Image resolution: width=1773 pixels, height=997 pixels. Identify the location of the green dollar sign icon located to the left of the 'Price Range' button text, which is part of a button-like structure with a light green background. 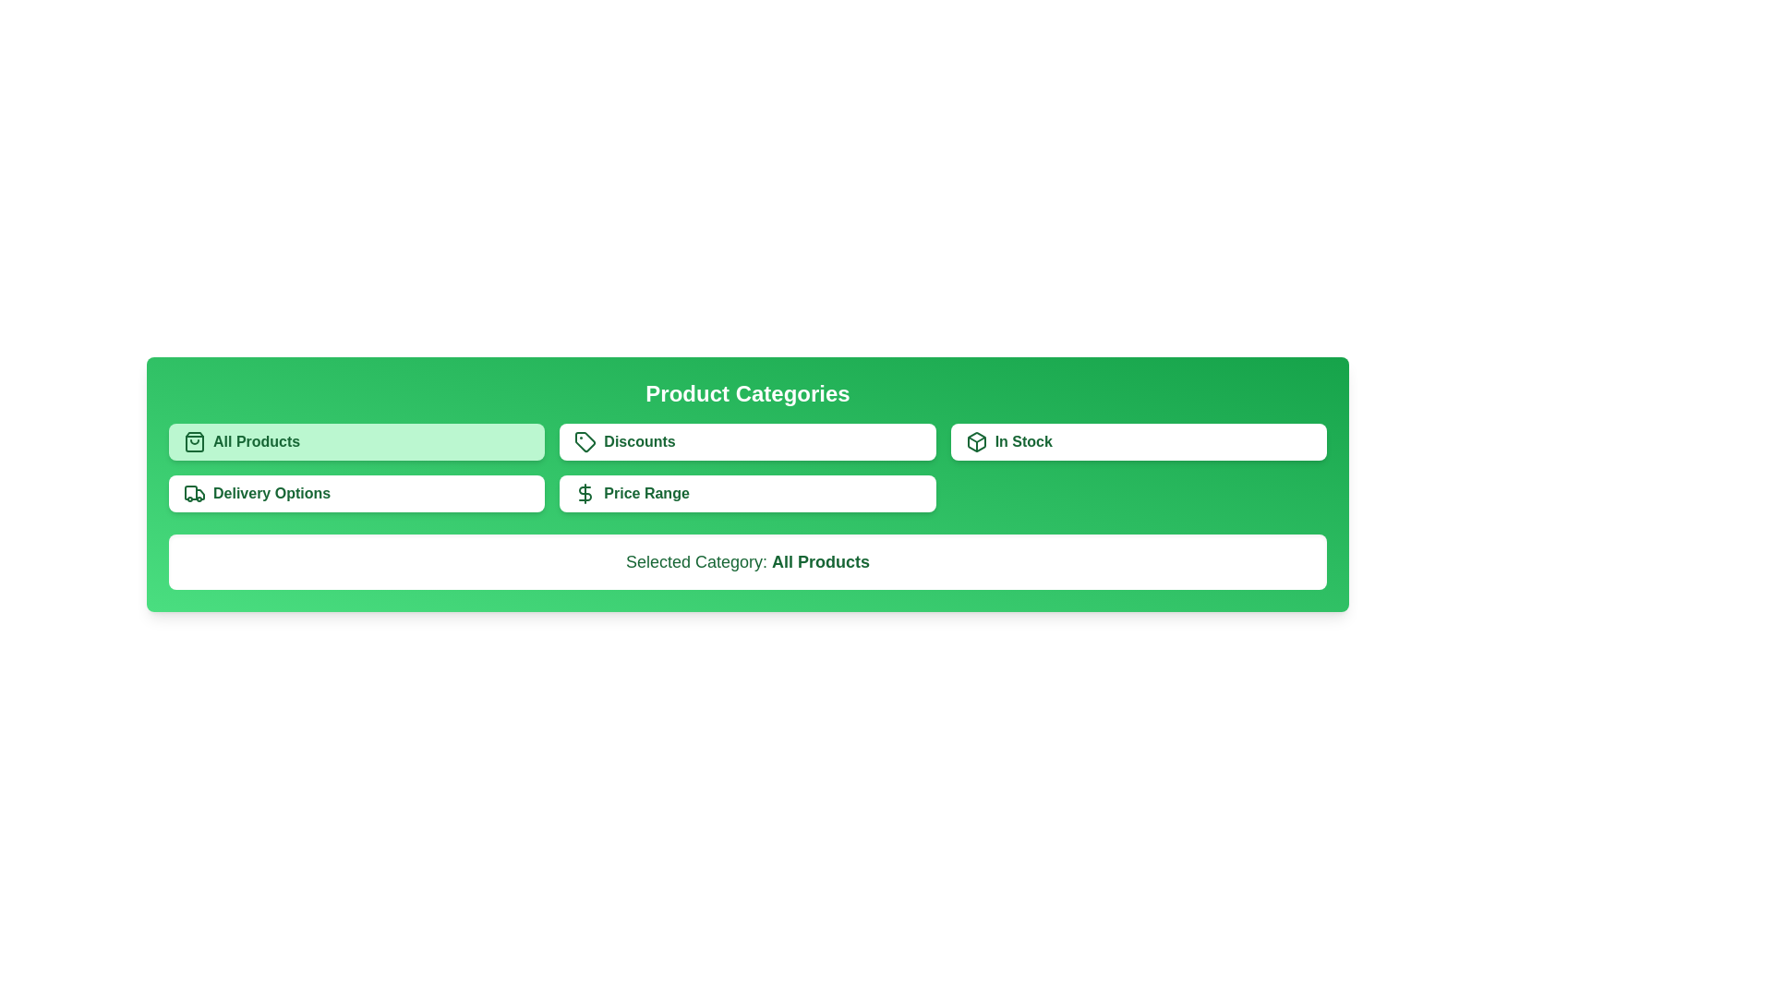
(585, 493).